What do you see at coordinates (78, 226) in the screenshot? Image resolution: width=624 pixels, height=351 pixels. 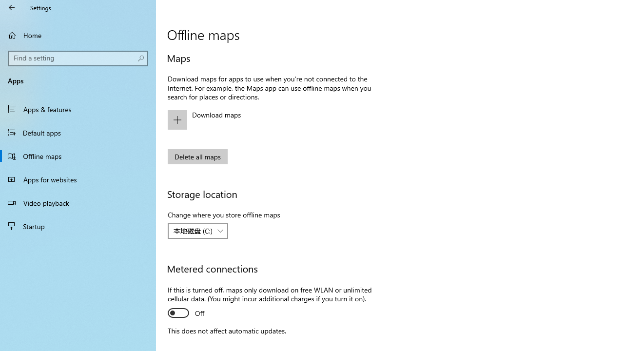 I see `'Startup'` at bounding box center [78, 226].